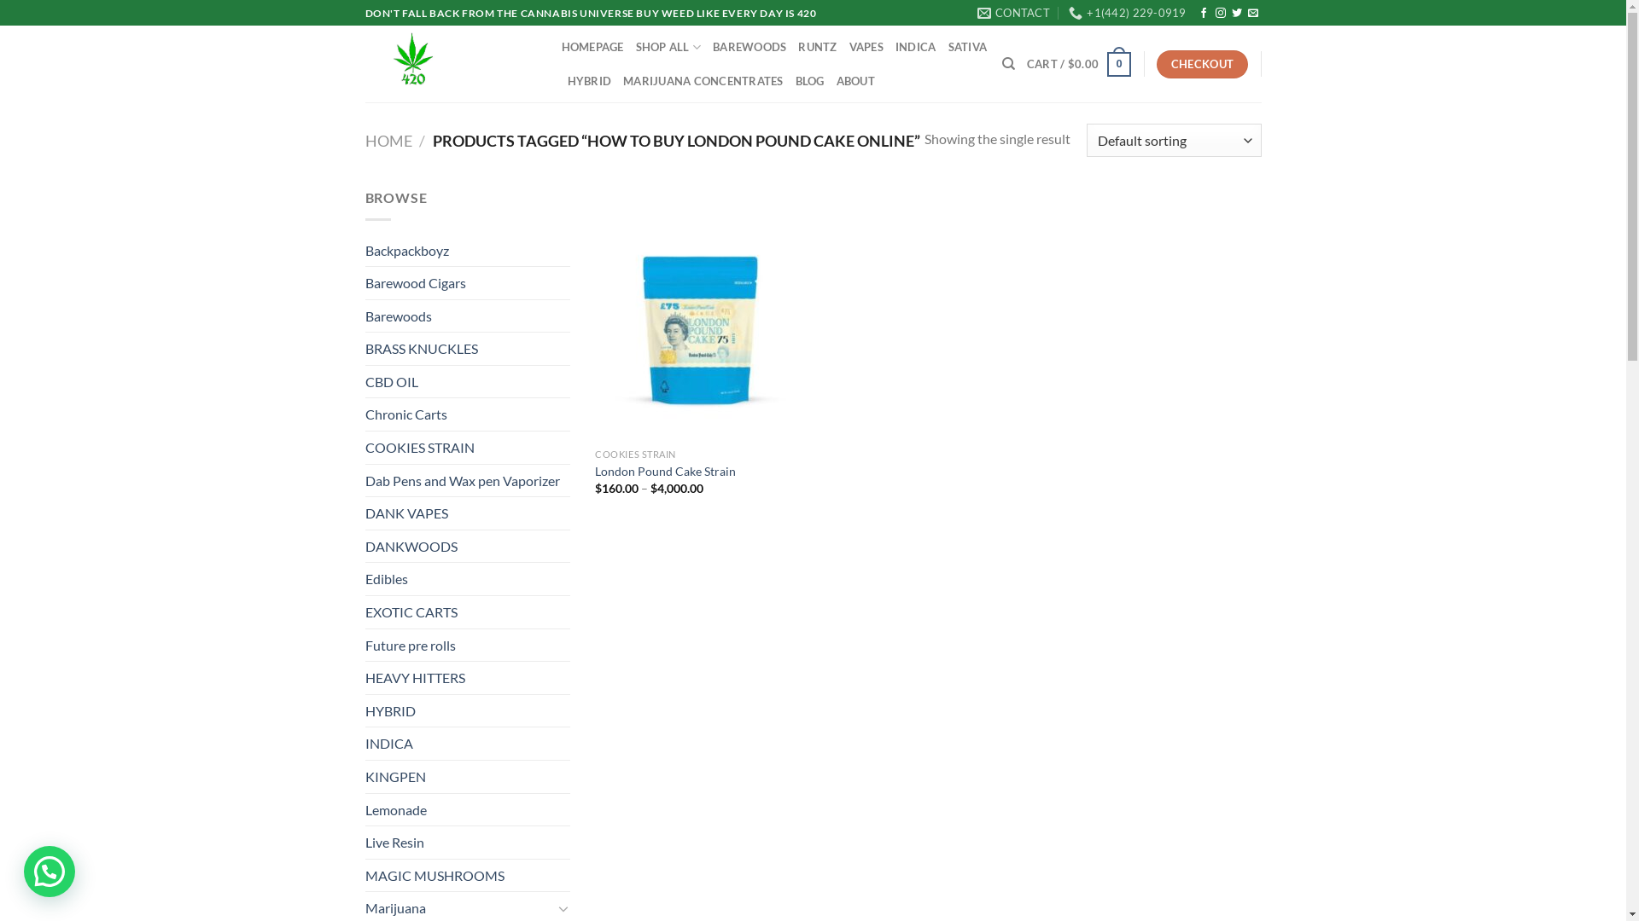 The height and width of the screenshot is (921, 1639). I want to click on 'Barewood Cigars', so click(467, 281).